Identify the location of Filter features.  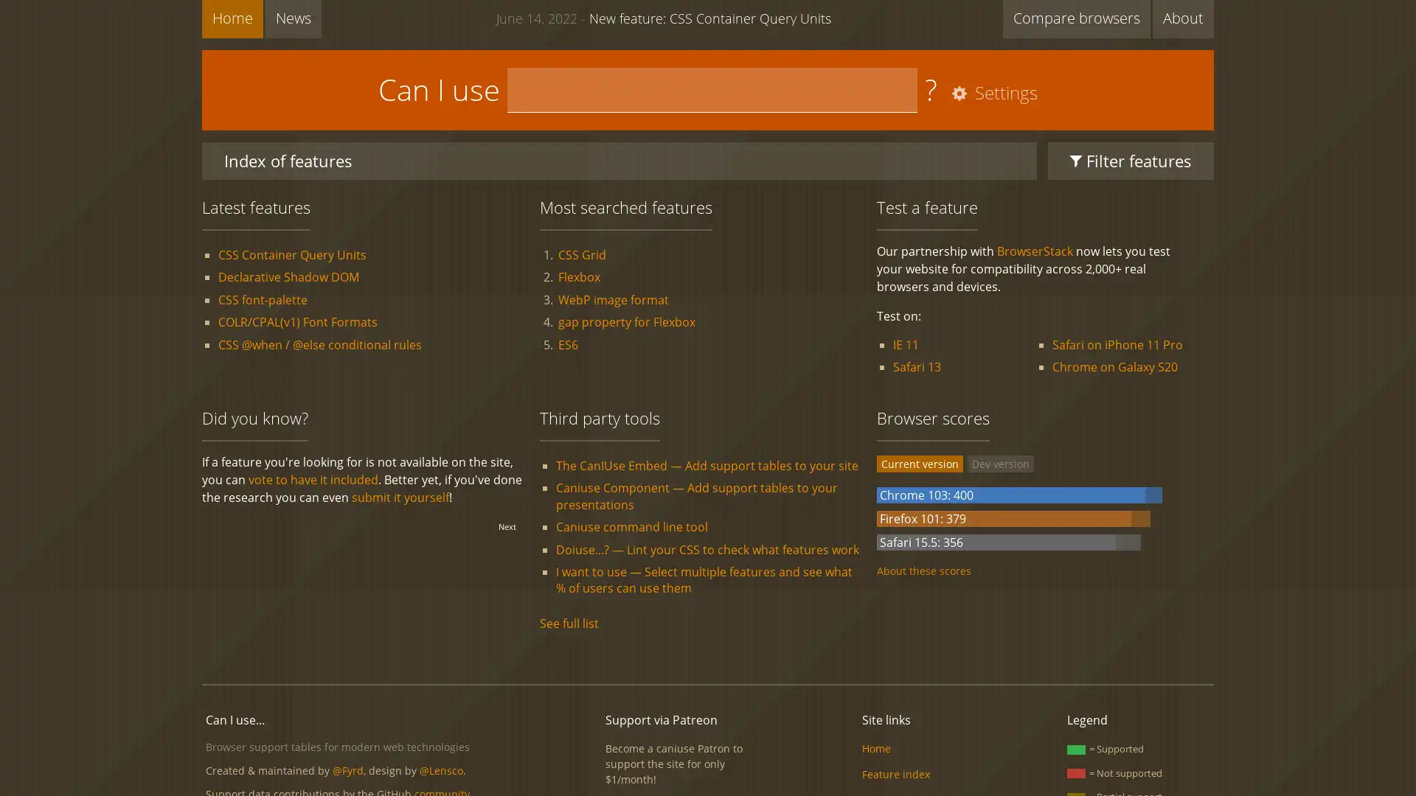
(1130, 161).